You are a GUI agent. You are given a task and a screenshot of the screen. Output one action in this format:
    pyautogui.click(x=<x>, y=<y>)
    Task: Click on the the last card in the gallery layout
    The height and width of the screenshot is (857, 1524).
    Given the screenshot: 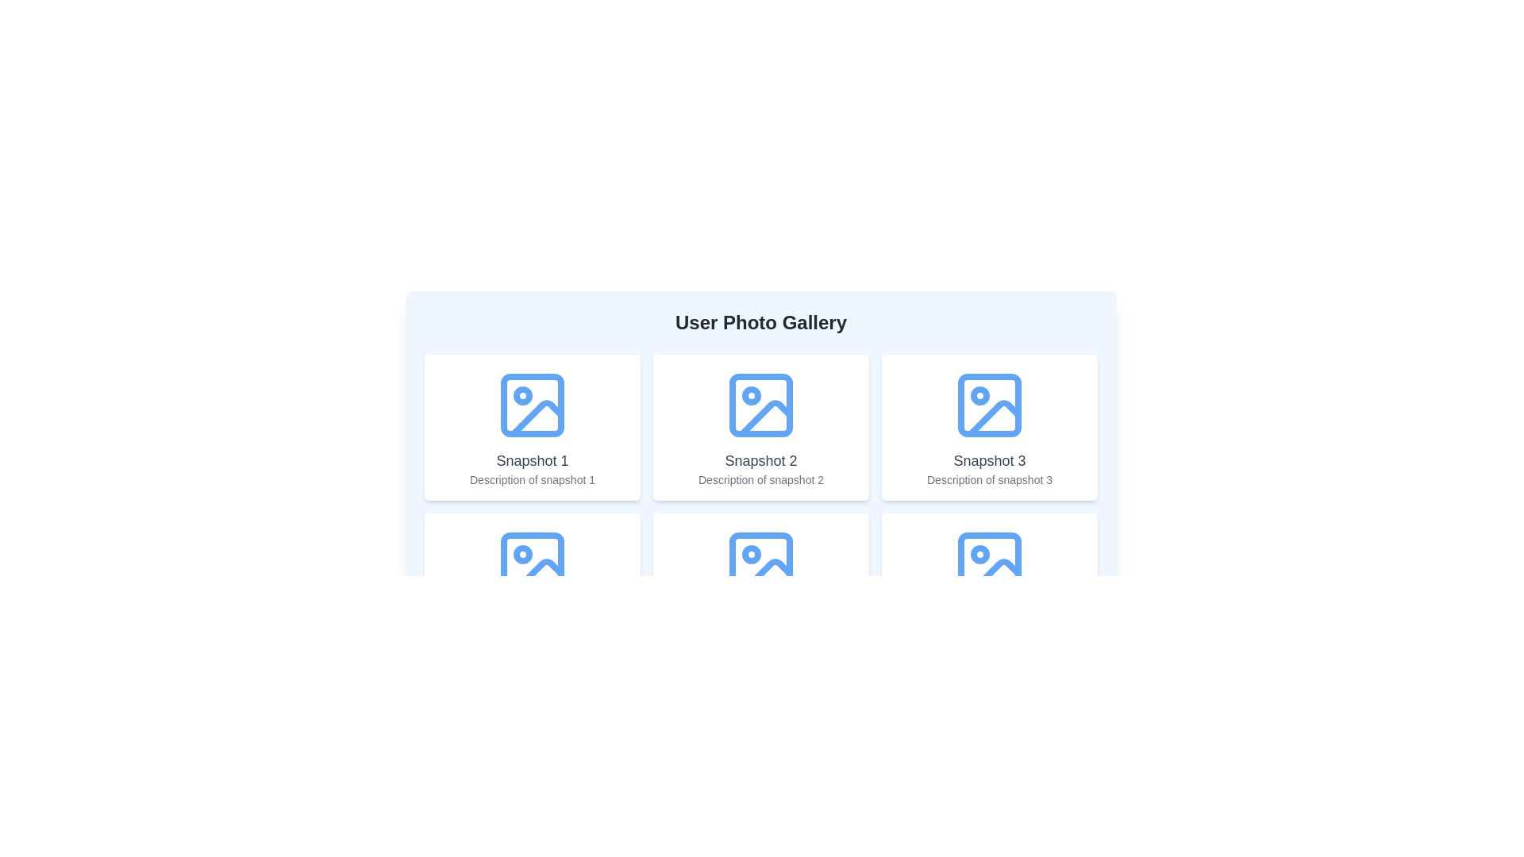 What is the action you would take?
    pyautogui.click(x=989, y=586)
    